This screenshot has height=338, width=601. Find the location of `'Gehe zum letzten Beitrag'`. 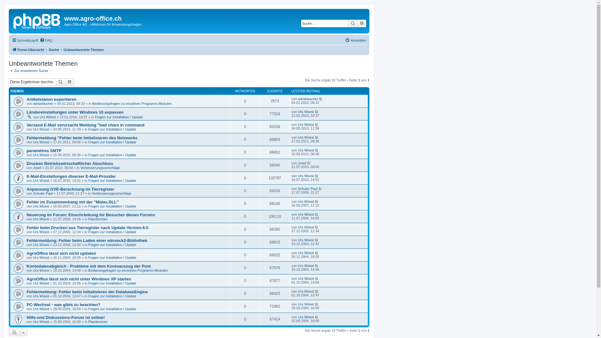

'Gehe zum letzten Beitrag' is located at coordinates (317, 265).